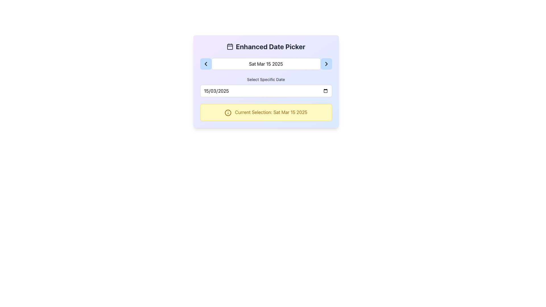 The width and height of the screenshot is (546, 307). I want to click on the Date Picker Display Section, so click(266, 64).